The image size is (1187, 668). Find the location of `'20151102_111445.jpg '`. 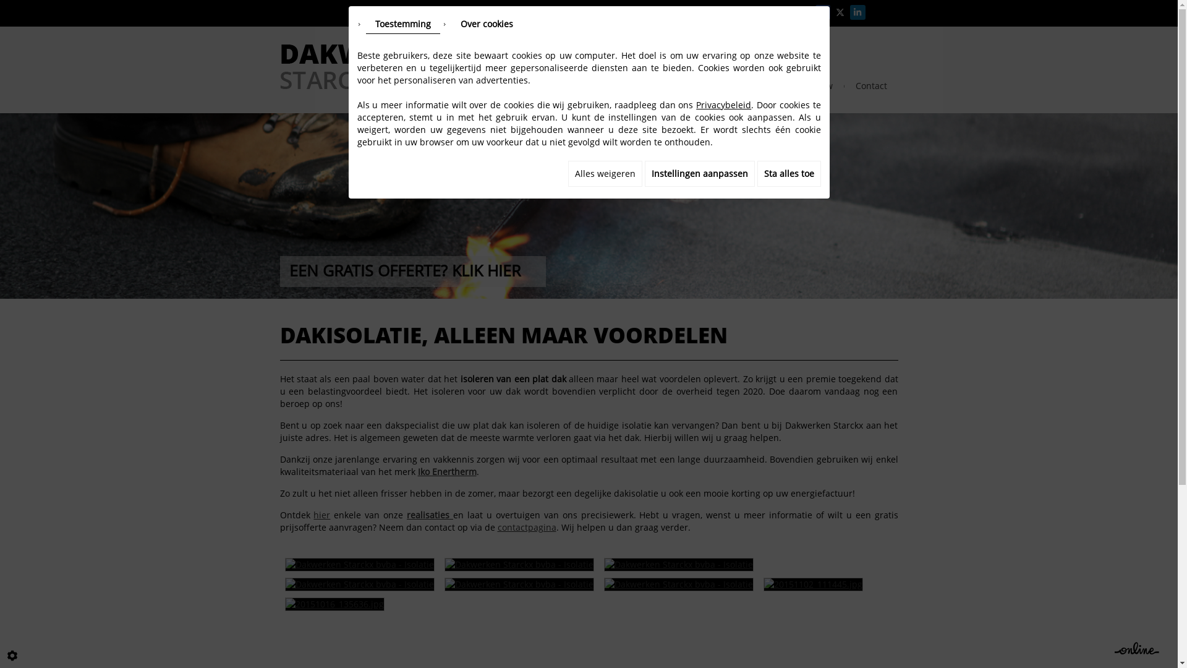

'20151102_111445.jpg ' is located at coordinates (762, 584).